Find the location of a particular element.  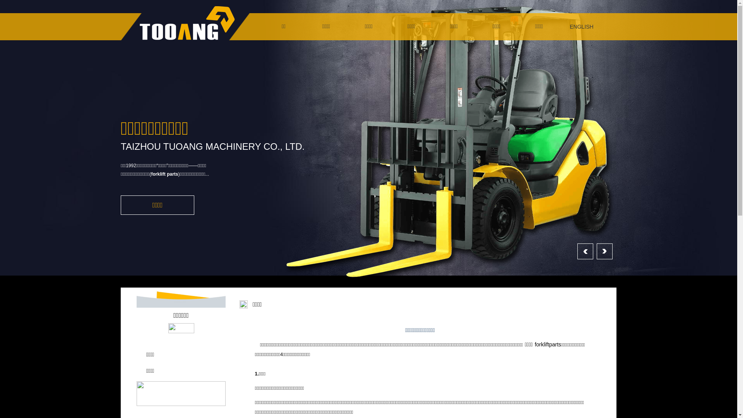

'ENGLISH' is located at coordinates (581, 26).